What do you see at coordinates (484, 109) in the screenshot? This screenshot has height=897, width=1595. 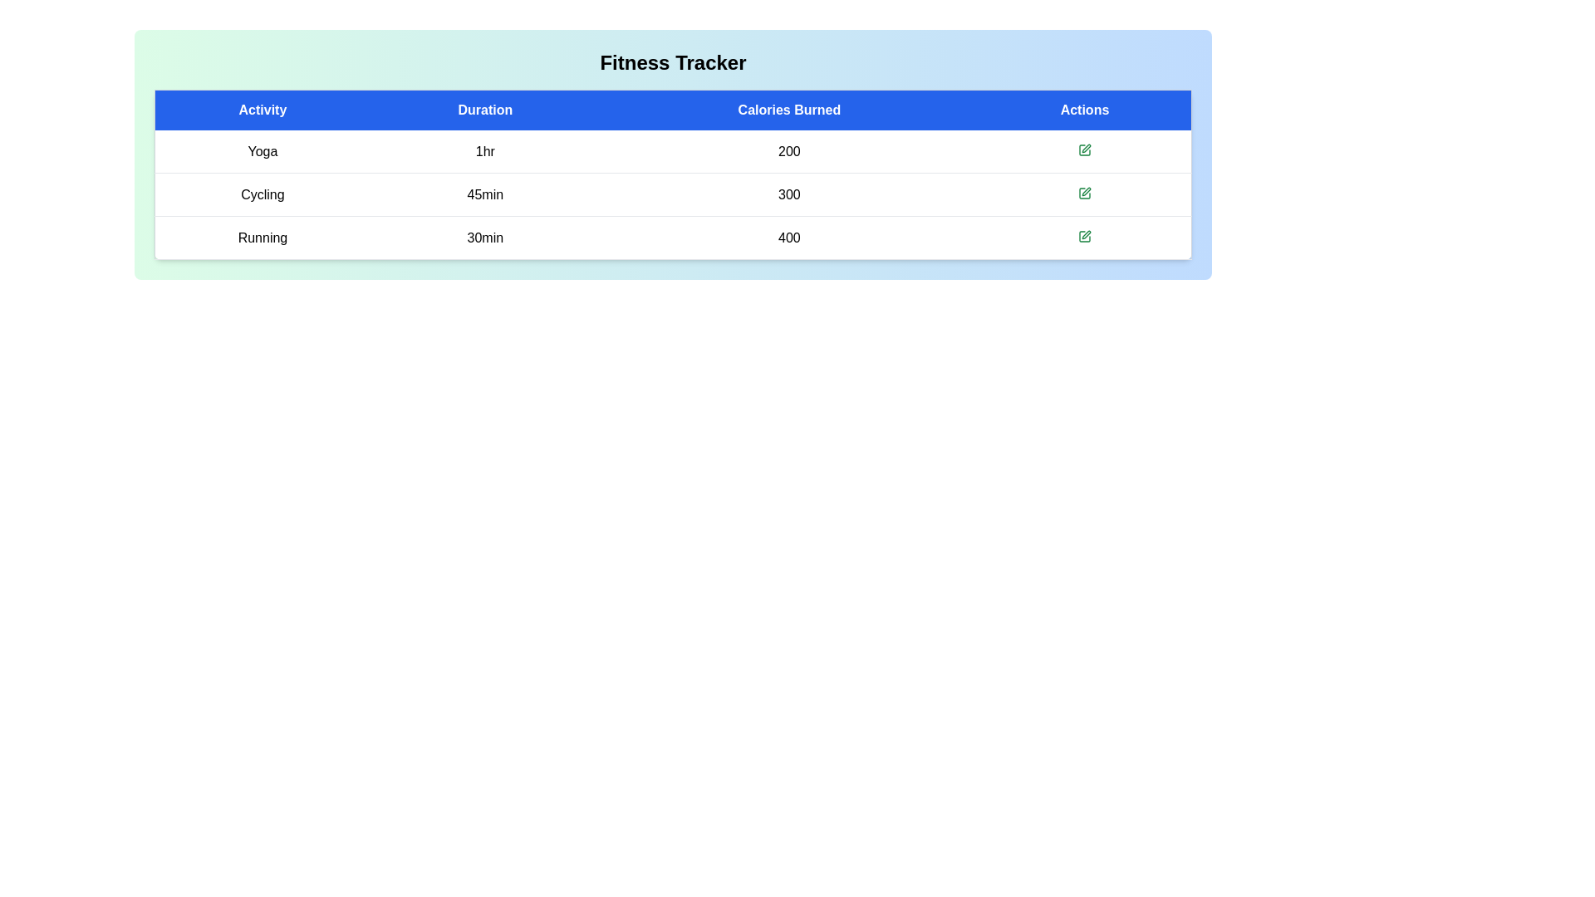 I see `the column header Duration to sort or interact with it` at bounding box center [484, 109].